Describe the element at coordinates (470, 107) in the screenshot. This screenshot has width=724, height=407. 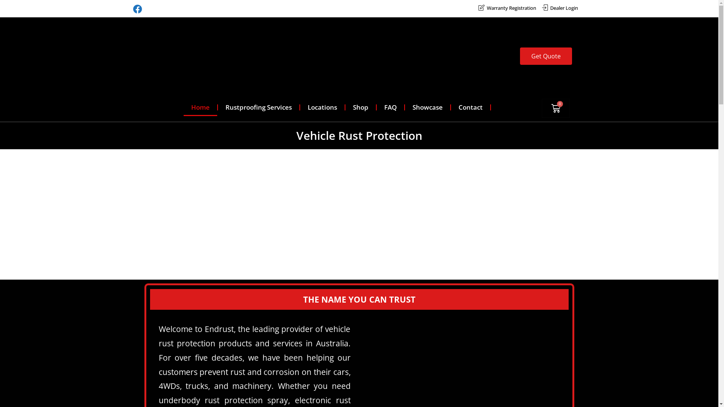
I see `'Contact'` at that location.